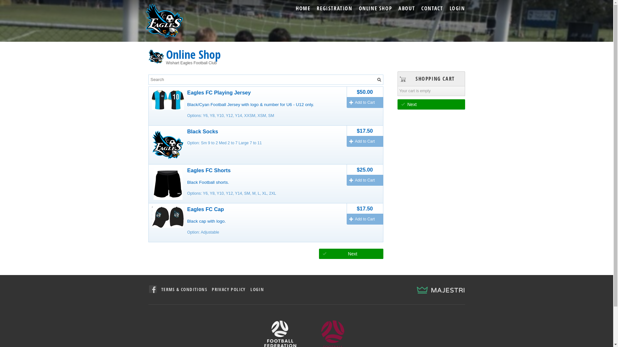 This screenshot has width=618, height=347. I want to click on 'Add to Cart', so click(364, 102).